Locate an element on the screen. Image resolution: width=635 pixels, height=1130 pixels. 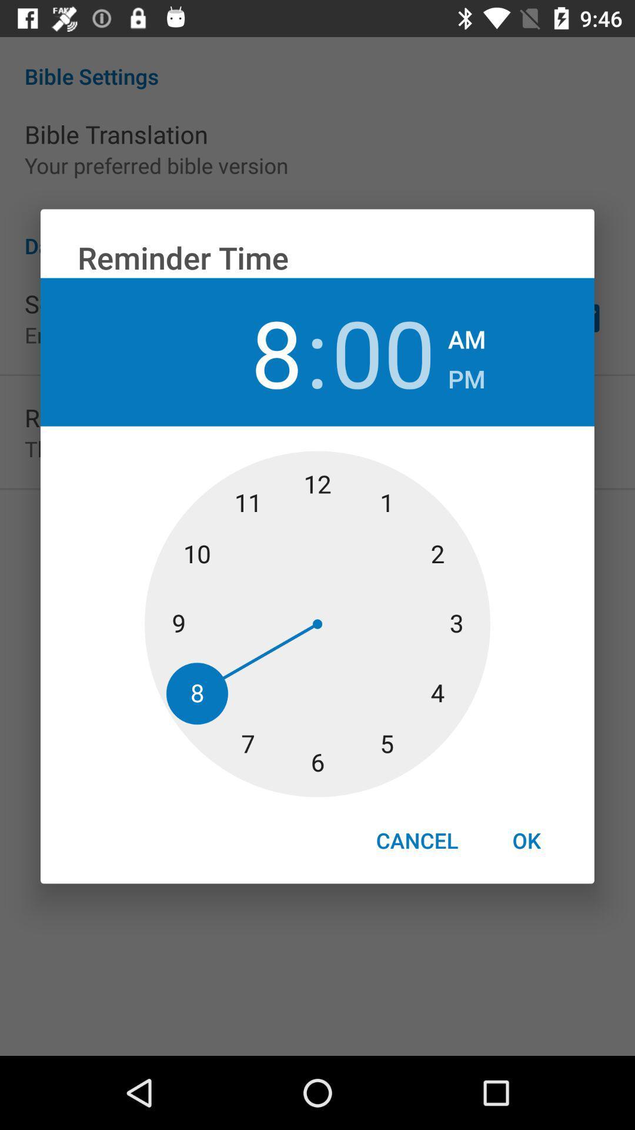
icon to the right of the 00 is located at coordinates (466, 335).